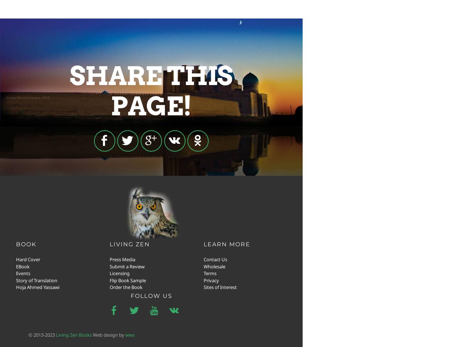 The width and height of the screenshot is (470, 347). Describe the element at coordinates (26, 243) in the screenshot. I see `'Book'` at that location.